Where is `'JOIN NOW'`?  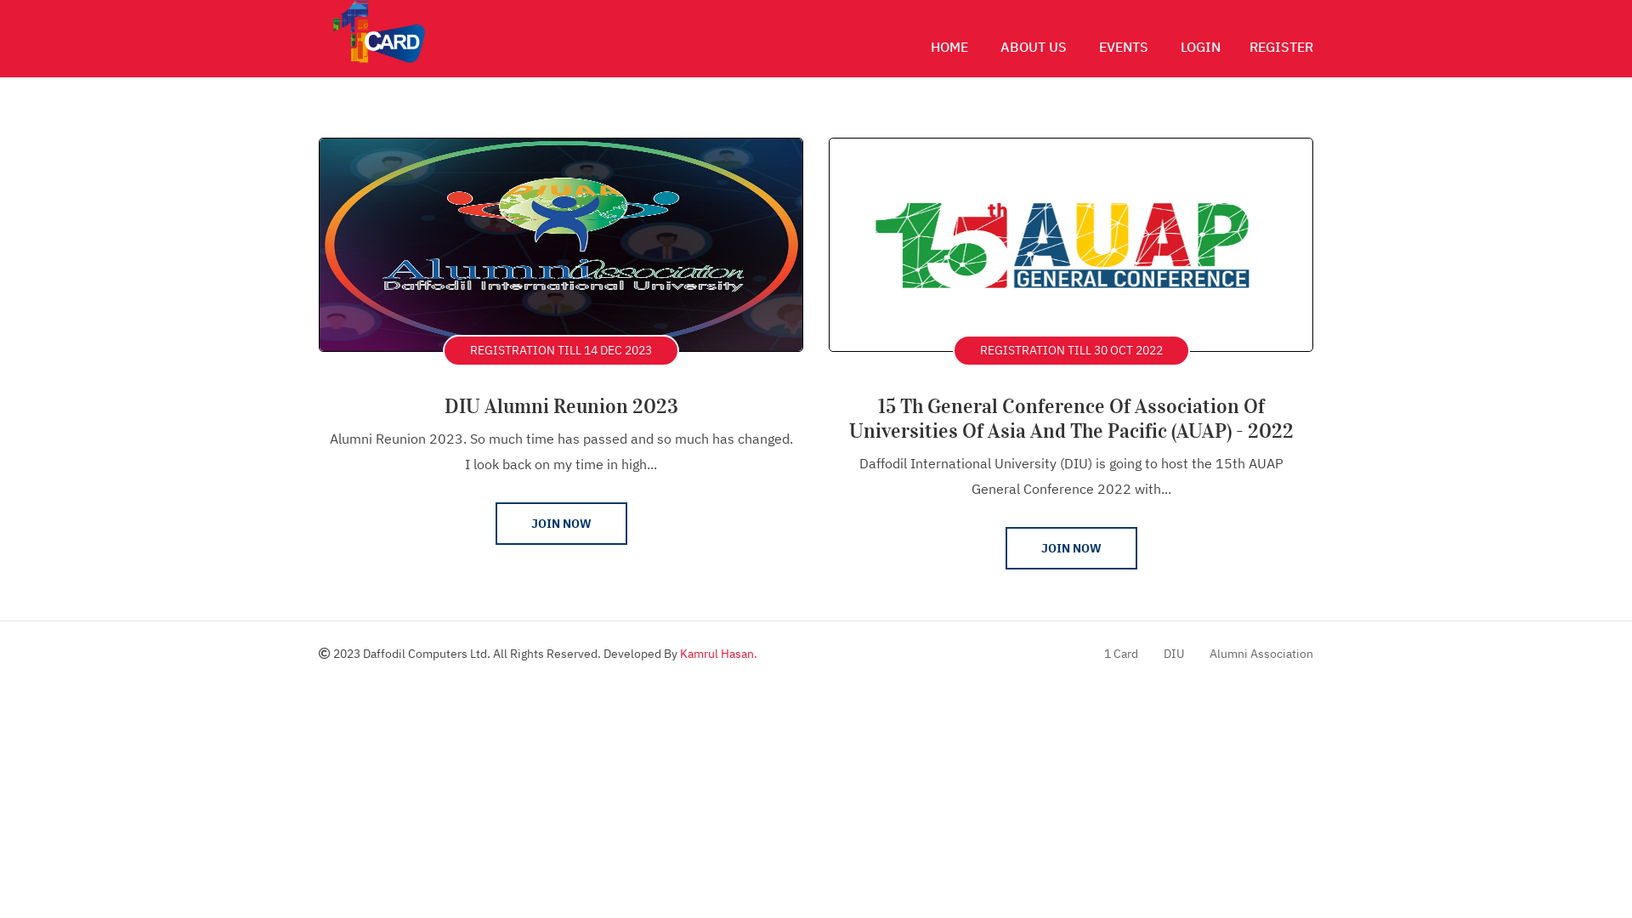
'JOIN NOW' is located at coordinates (1069, 547).